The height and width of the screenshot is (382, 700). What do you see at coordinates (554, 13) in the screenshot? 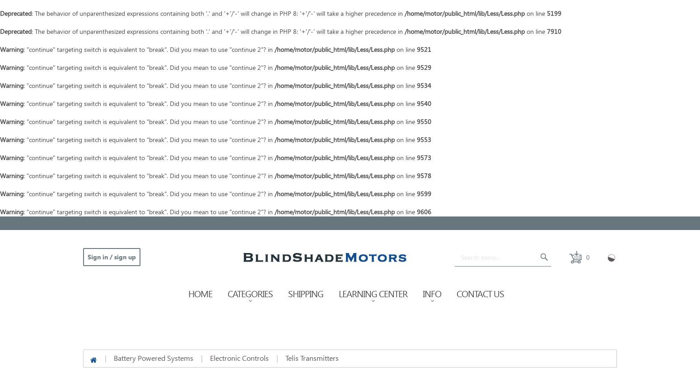
I see `'5199'` at bounding box center [554, 13].